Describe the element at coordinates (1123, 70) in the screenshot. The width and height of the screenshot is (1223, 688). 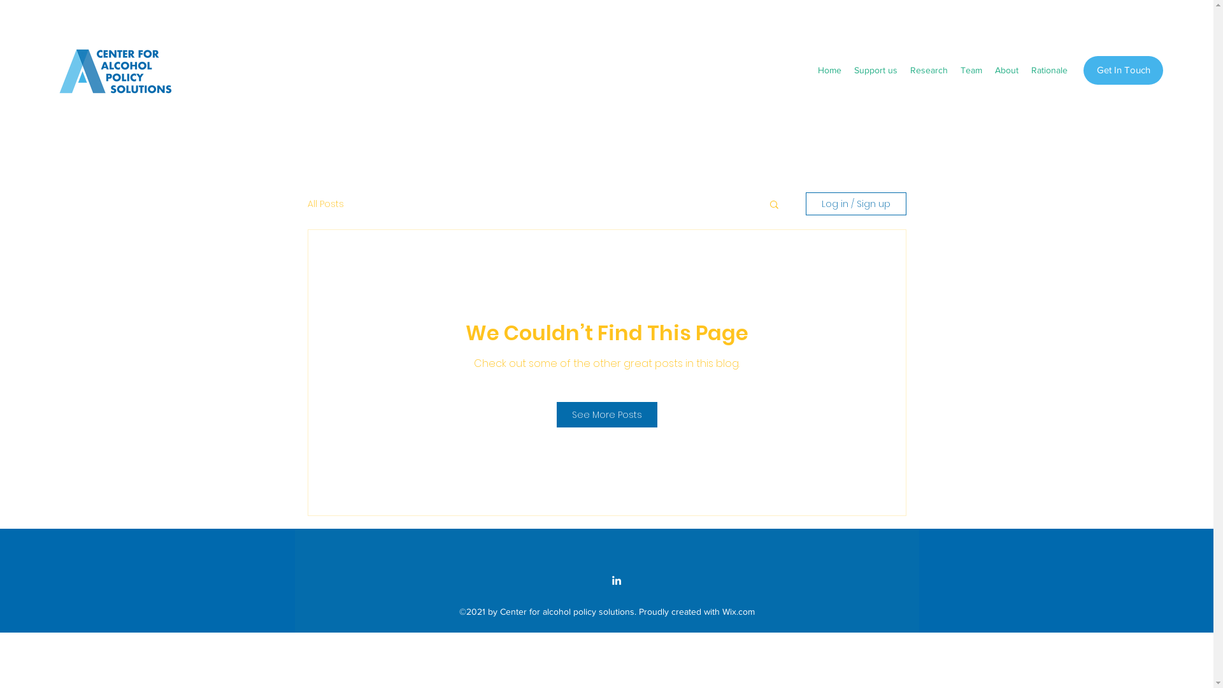
I see `'Get In Touch'` at that location.